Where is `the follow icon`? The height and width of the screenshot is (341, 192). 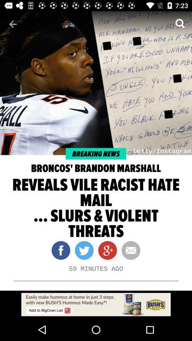 the follow icon is located at coordinates (105, 250).